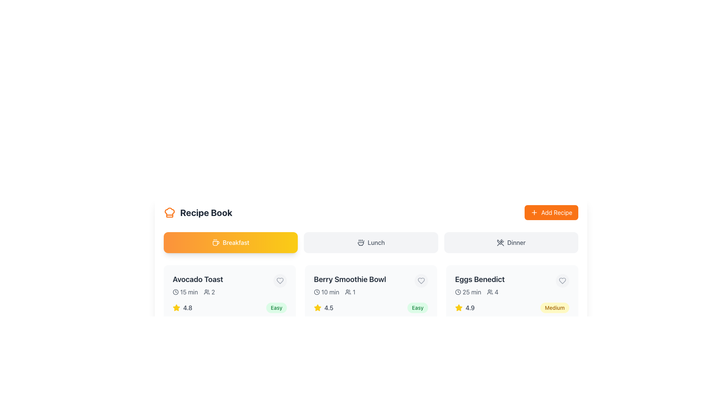  I want to click on the favorite icon button located at the top-right corner of the 'Eggs Benedict' recipe card to potentially see a tooltip, so click(562, 280).